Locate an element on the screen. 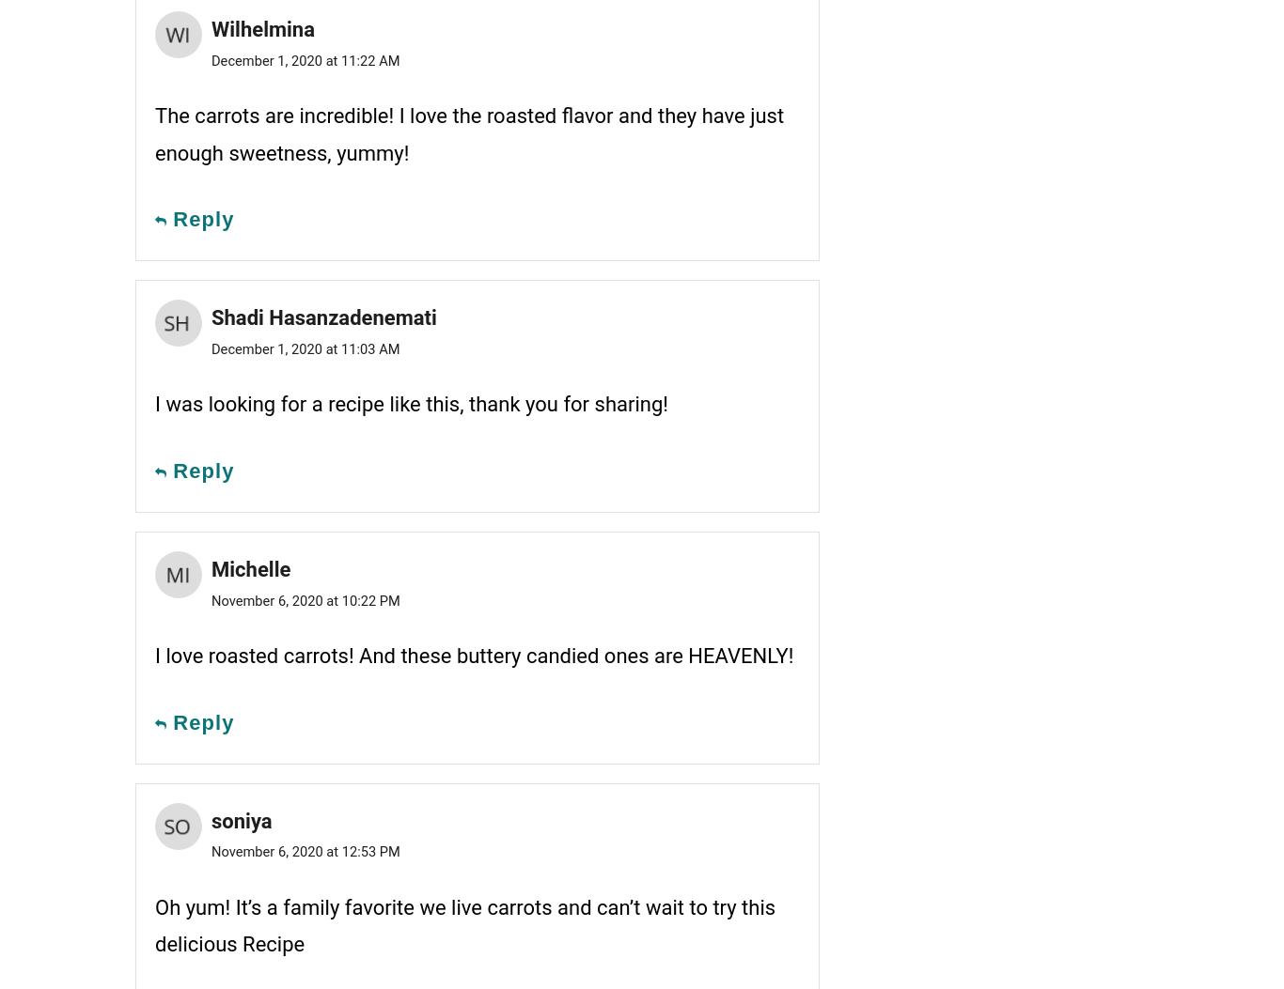  'Oh yum! It’s a family favorite we live carrots and can’t wait to try this delicious Recipe' is located at coordinates (465, 925).